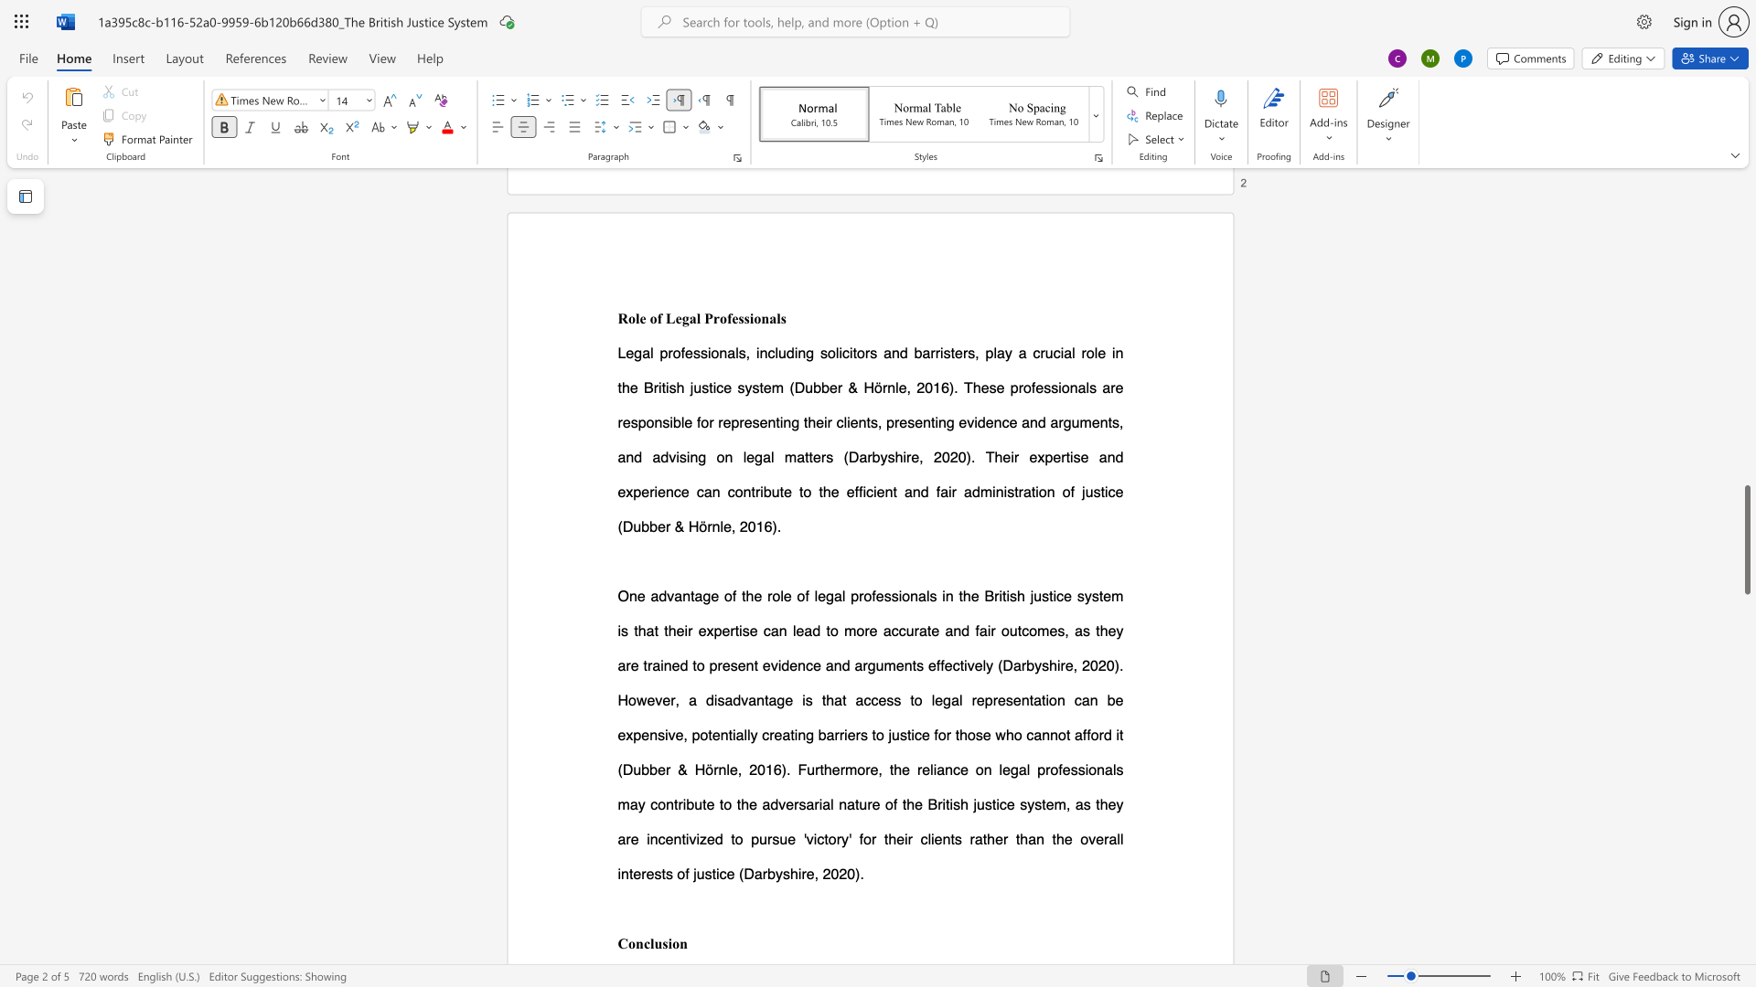 The height and width of the screenshot is (987, 1756). I want to click on the scrollbar to move the page up, so click(1746, 292).